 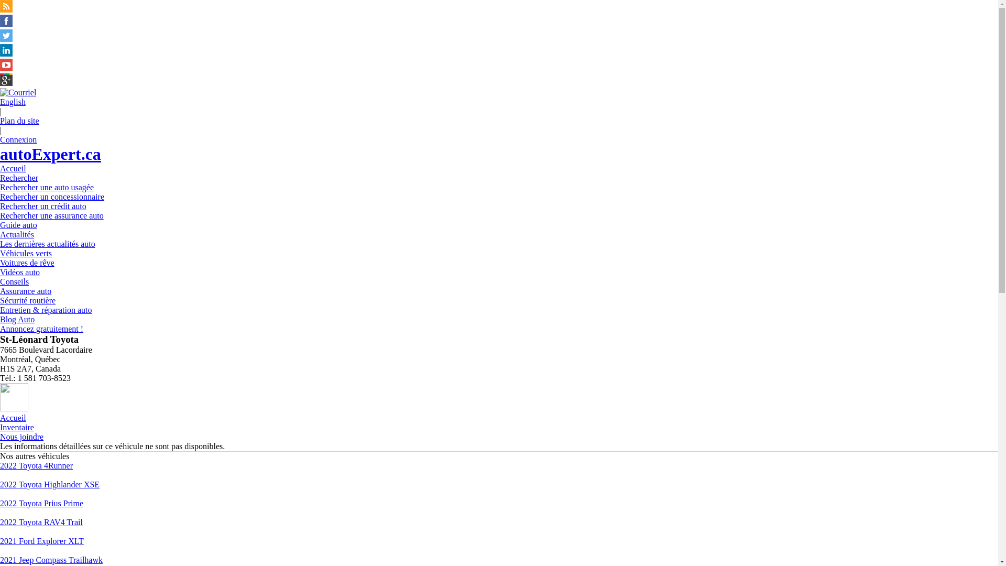 What do you see at coordinates (13, 417) in the screenshot?
I see `'Accueil'` at bounding box center [13, 417].